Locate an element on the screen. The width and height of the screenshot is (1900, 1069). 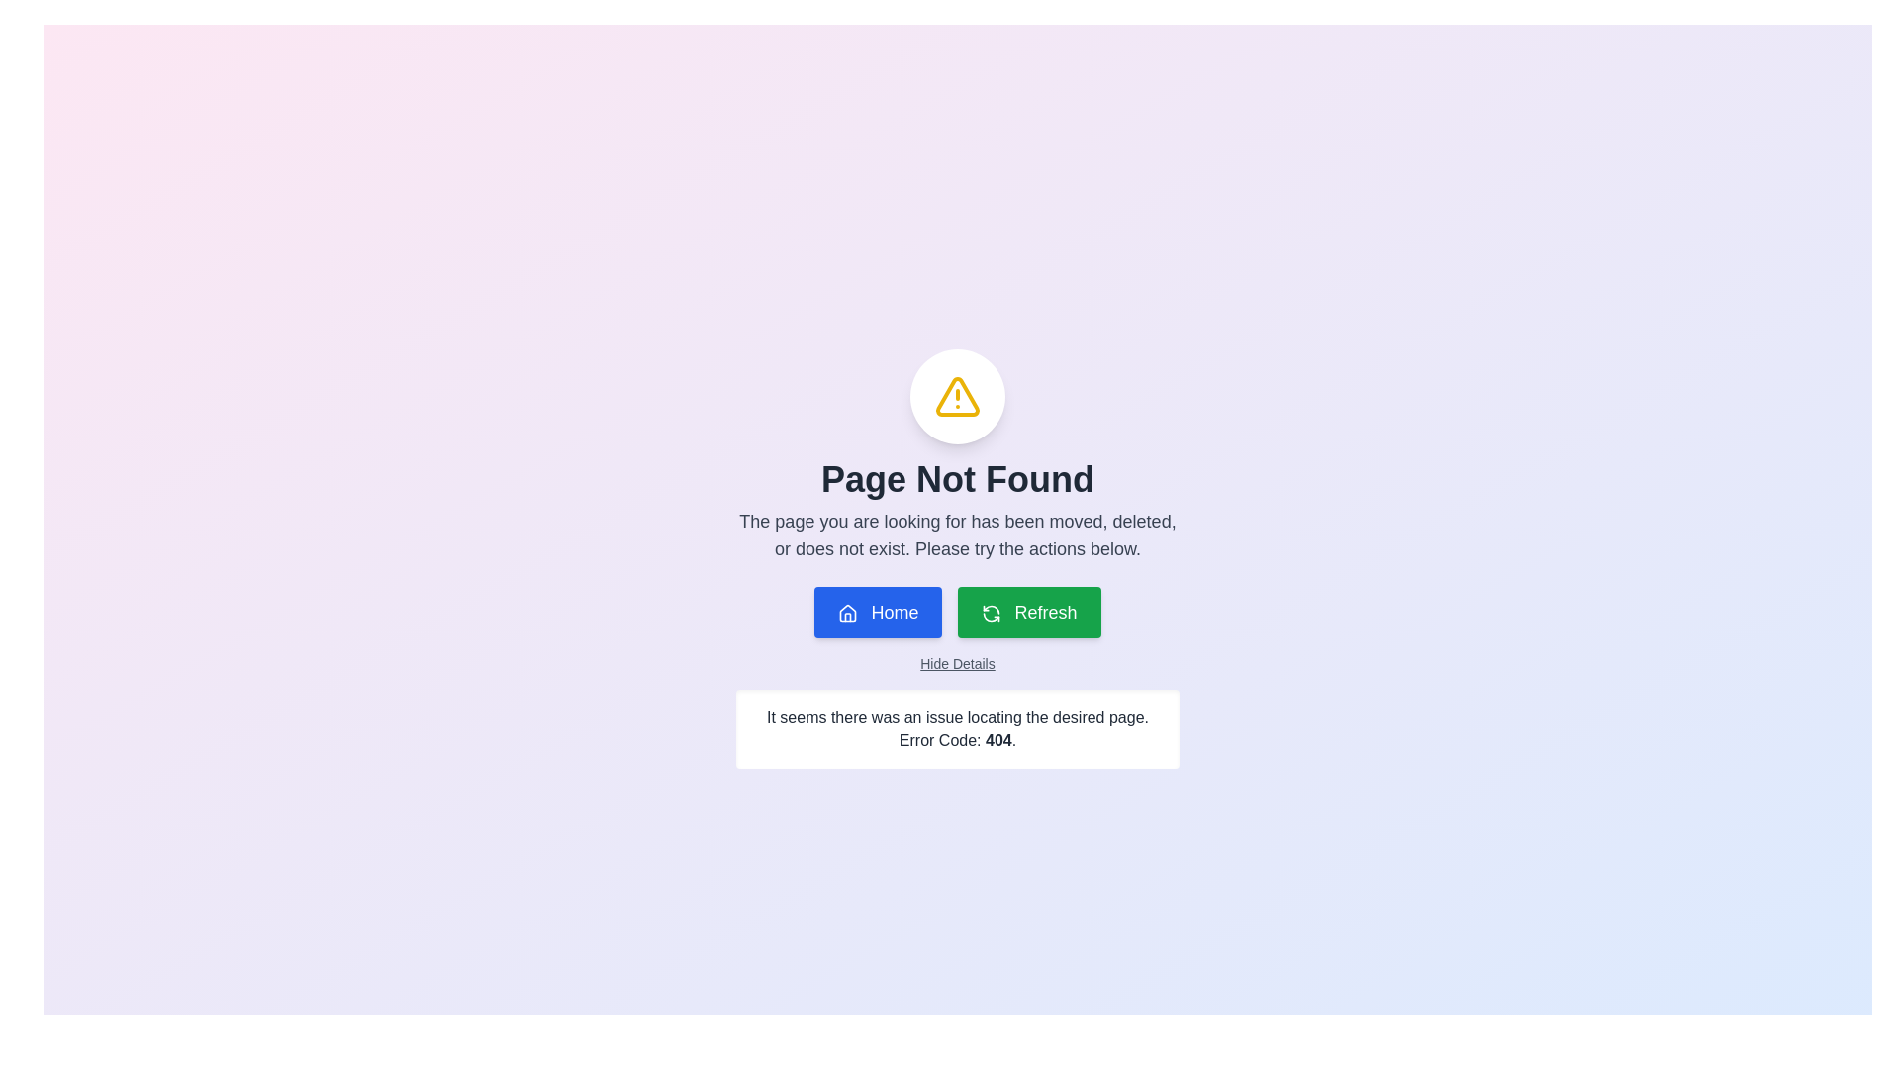
the navigation button located on the left side of the horizontally spaced pair of buttons, positioned below the 'Page Not Found' headline is located at coordinates (878, 611).